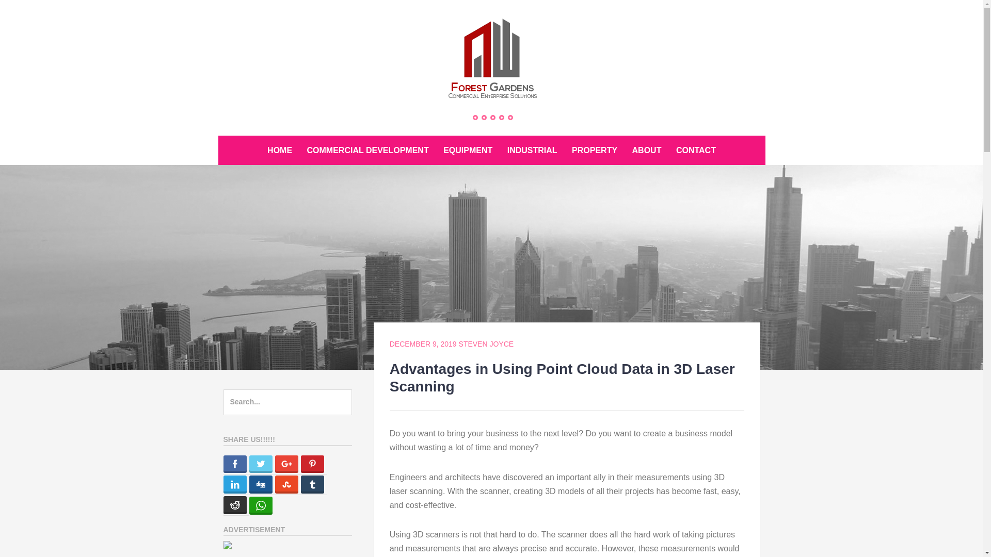  I want to click on 'DECEMBER 9, 2019', so click(423, 344).